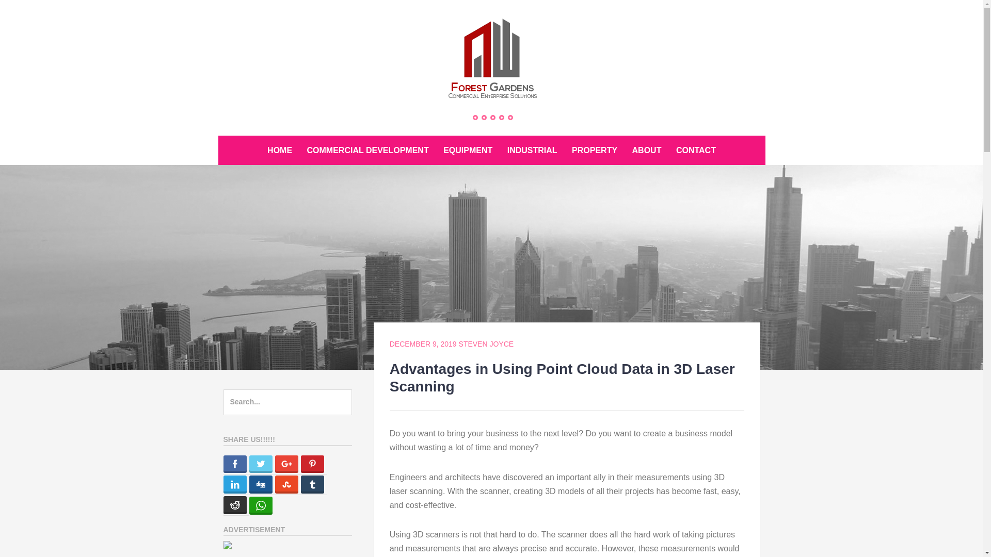  I want to click on 'DECEMBER 9, 2019', so click(423, 344).